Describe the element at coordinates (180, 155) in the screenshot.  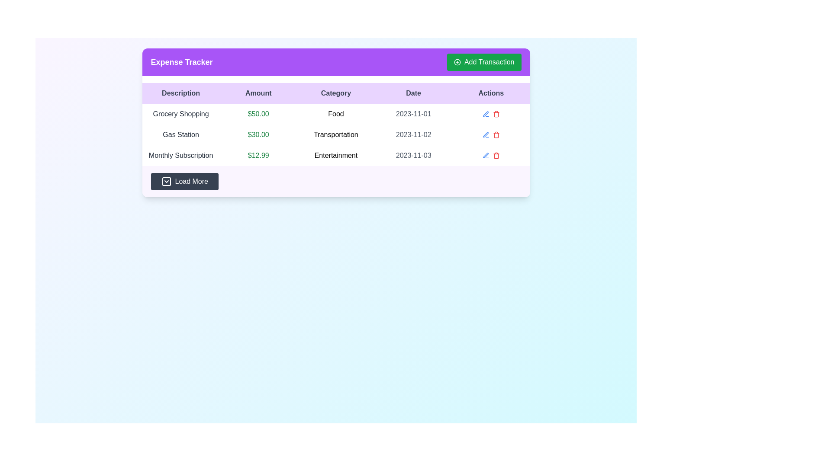
I see `the Text label in the 'Description' column of the expense tracker table, specifically in the third row, which describes the transaction entry` at that location.